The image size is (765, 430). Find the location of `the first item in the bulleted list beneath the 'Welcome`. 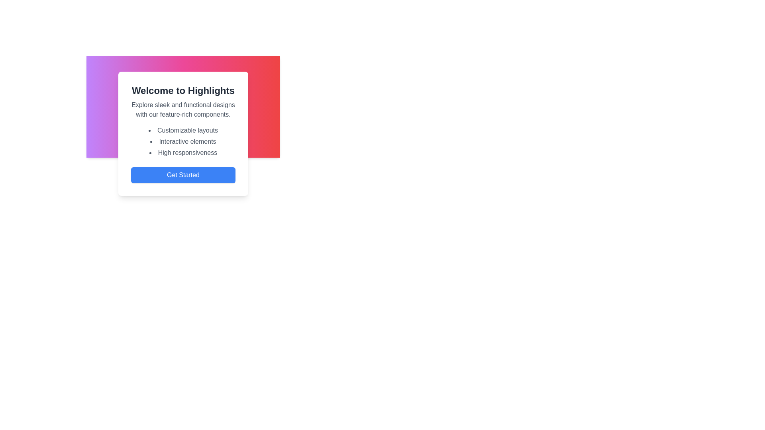

the first item in the bulleted list beneath the 'Welcome is located at coordinates (183, 133).